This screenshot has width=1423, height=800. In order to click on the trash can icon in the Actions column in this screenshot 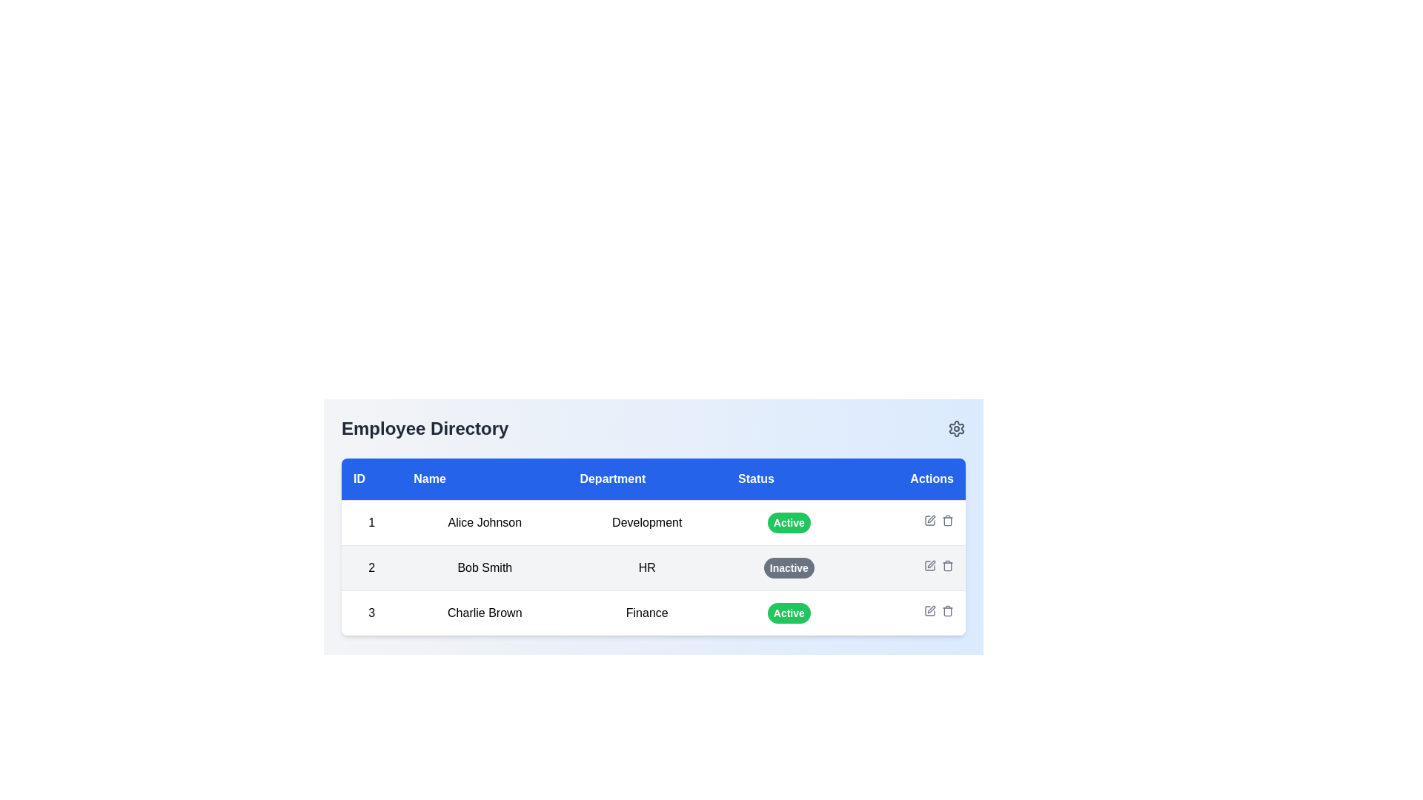, I will do `click(946, 611)`.